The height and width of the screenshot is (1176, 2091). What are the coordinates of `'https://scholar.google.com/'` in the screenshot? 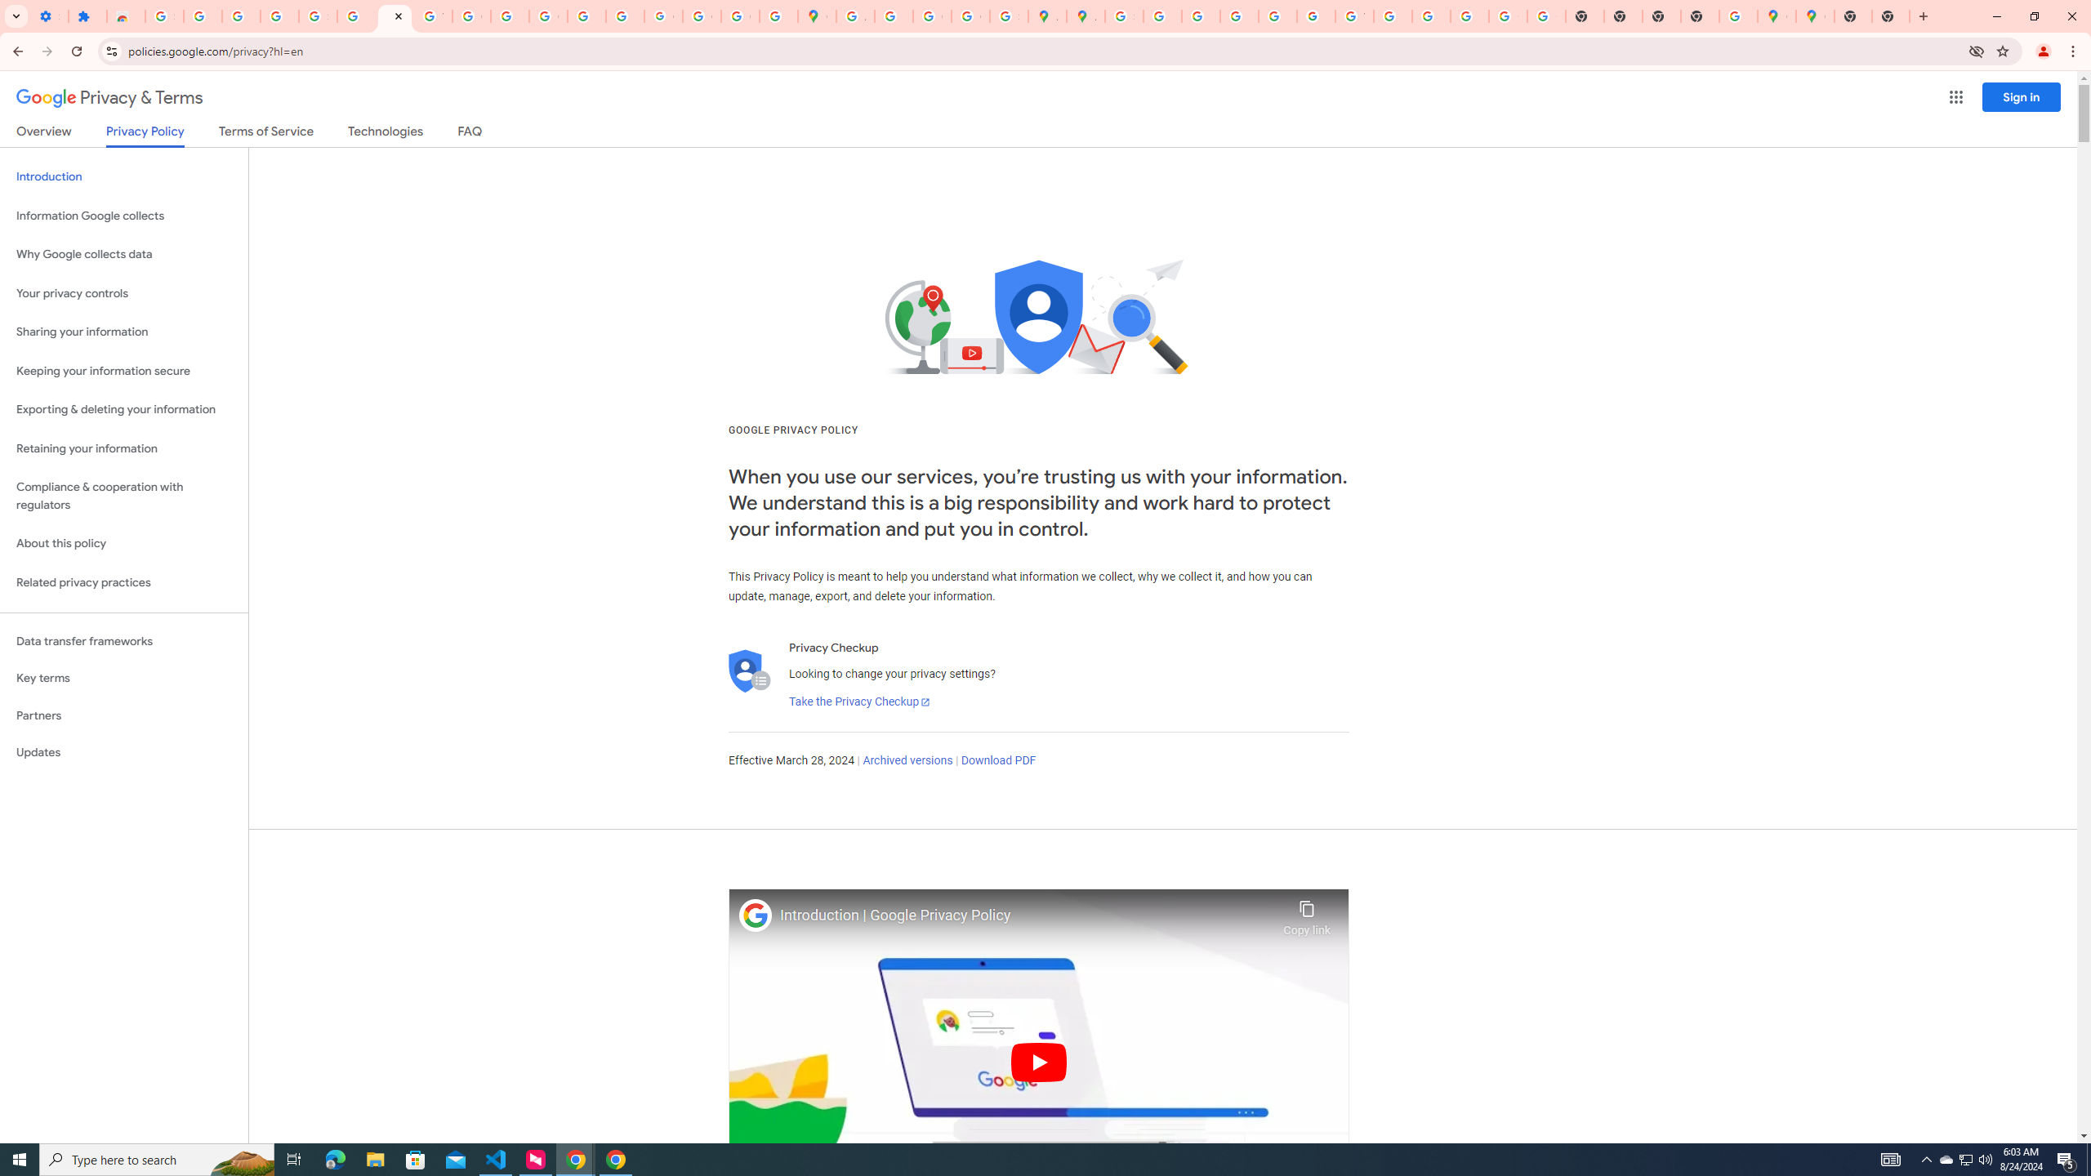 It's located at (509, 16).